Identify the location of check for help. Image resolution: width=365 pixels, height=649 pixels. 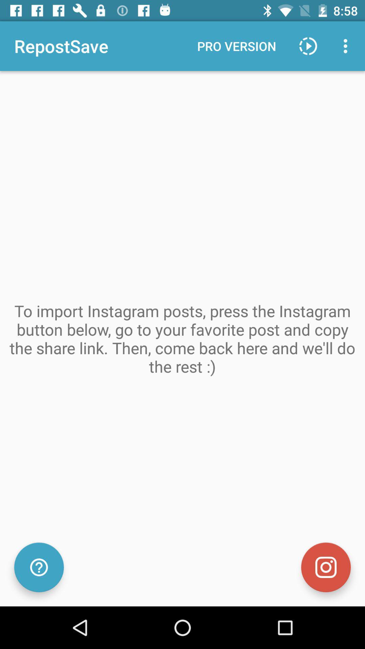
(39, 567).